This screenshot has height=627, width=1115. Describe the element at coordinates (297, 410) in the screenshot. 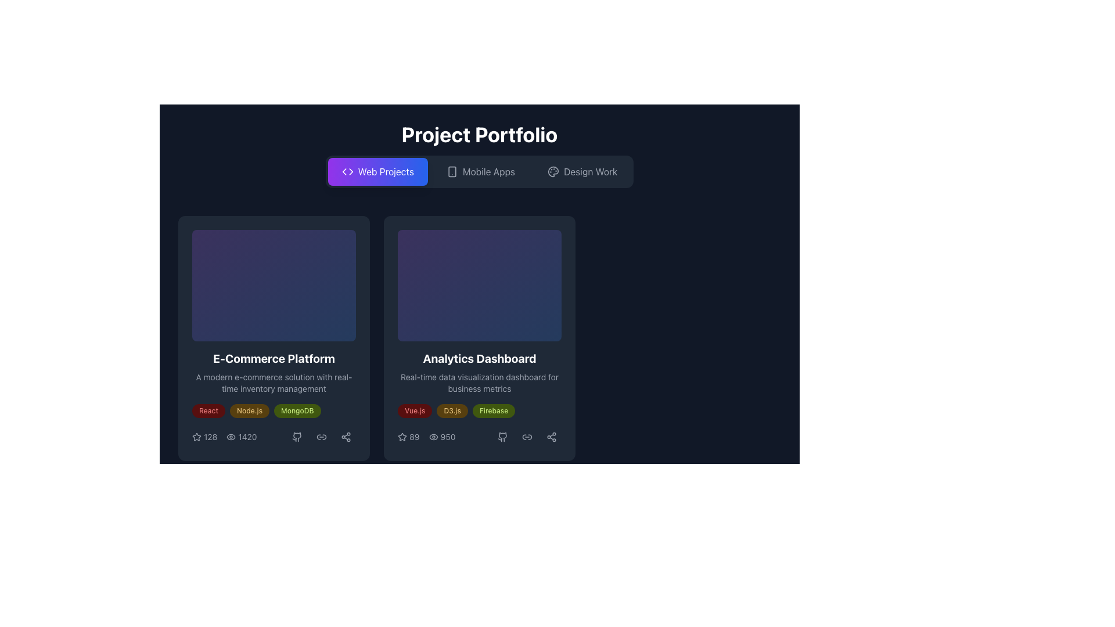

I see `the 'MongoDB' label, which is the rightmost tag with a dark green background and light green text located at the bottom of the 'E-Commerce Platform' card` at that location.